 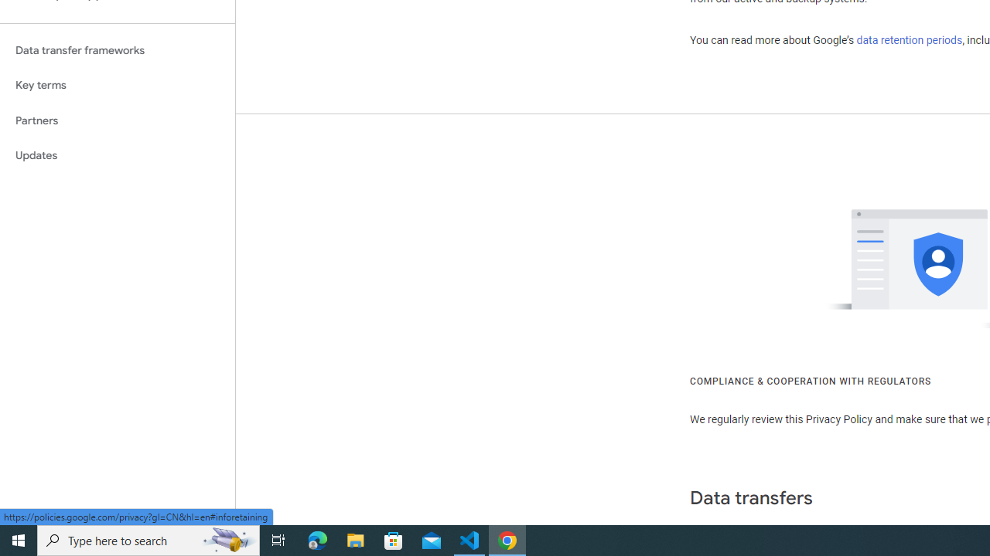 I want to click on 'Data transfer frameworks', so click(x=117, y=49).